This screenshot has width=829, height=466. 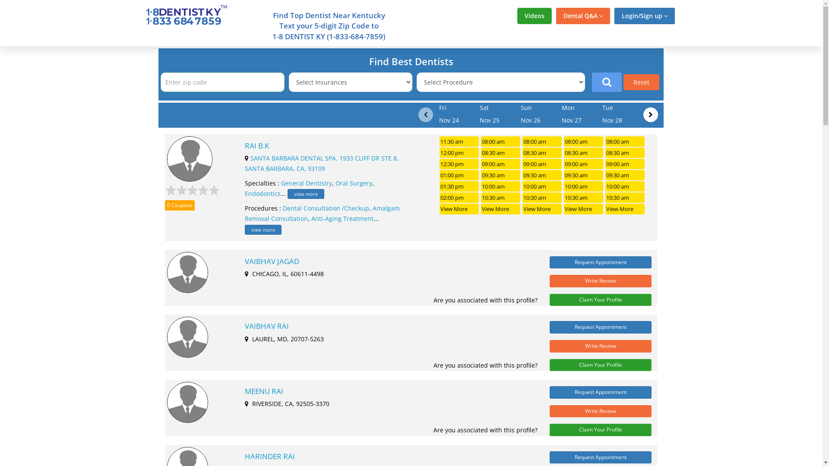 What do you see at coordinates (282, 208) in the screenshot?
I see `'Dental Consultation /Checkup'` at bounding box center [282, 208].